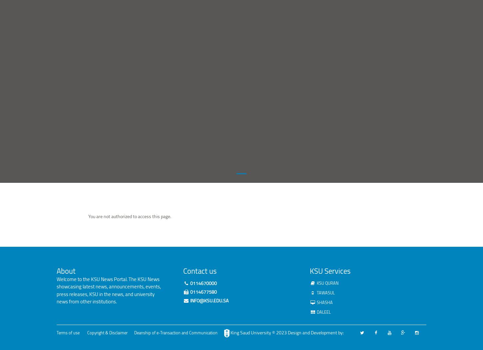 The height and width of the screenshot is (350, 483). Describe the element at coordinates (174, 89) in the screenshot. I see `'Riyadh Valley Company (RVC)'` at that location.